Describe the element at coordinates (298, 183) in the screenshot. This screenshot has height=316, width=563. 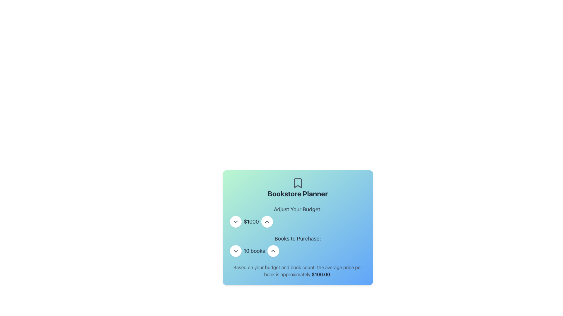
I see `the bookmark-shaped icon with a gray stroke design, located above the text 'Bookstore Planner' in the card section` at that location.